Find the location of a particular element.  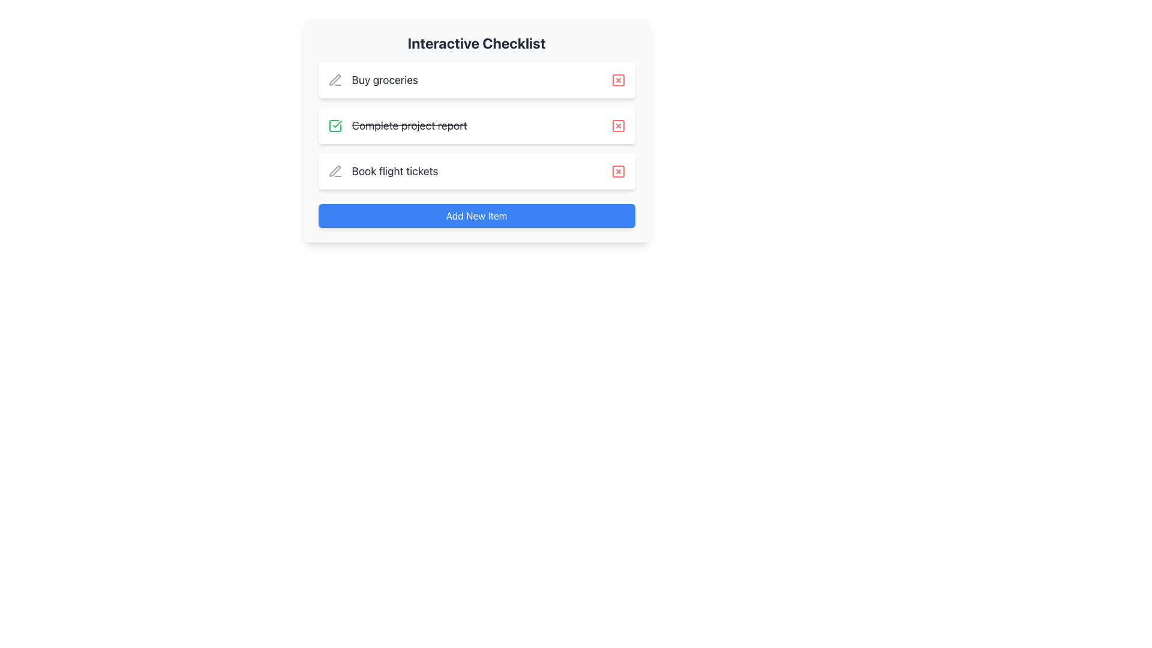

the checkbox is located at coordinates (335, 125).